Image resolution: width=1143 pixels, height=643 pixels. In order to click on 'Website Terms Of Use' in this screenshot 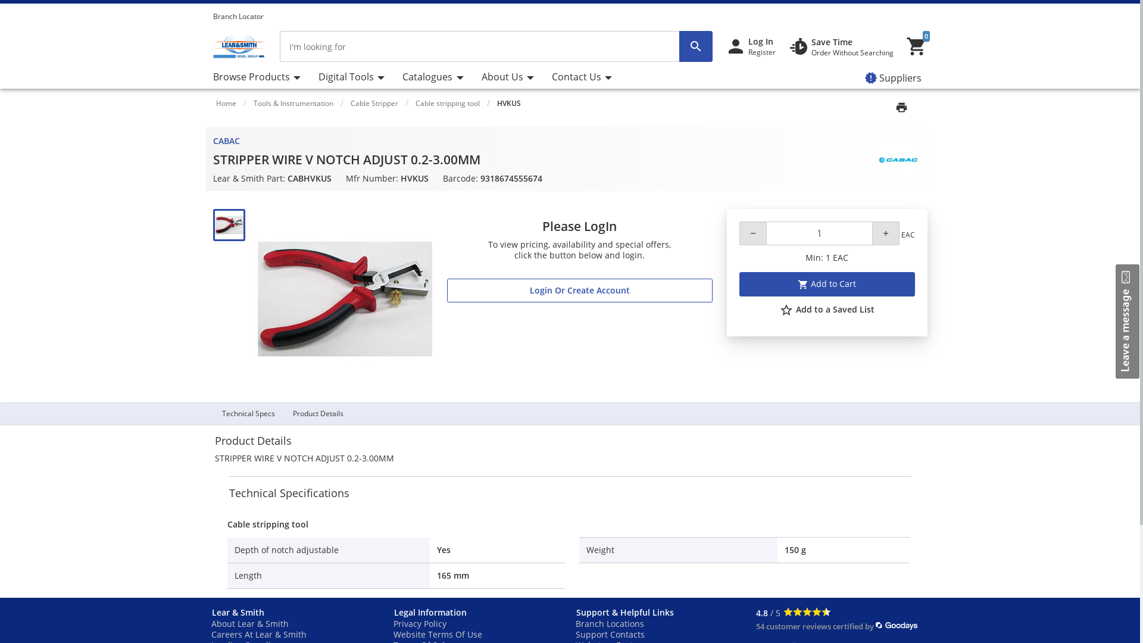, I will do `click(436, 633)`.